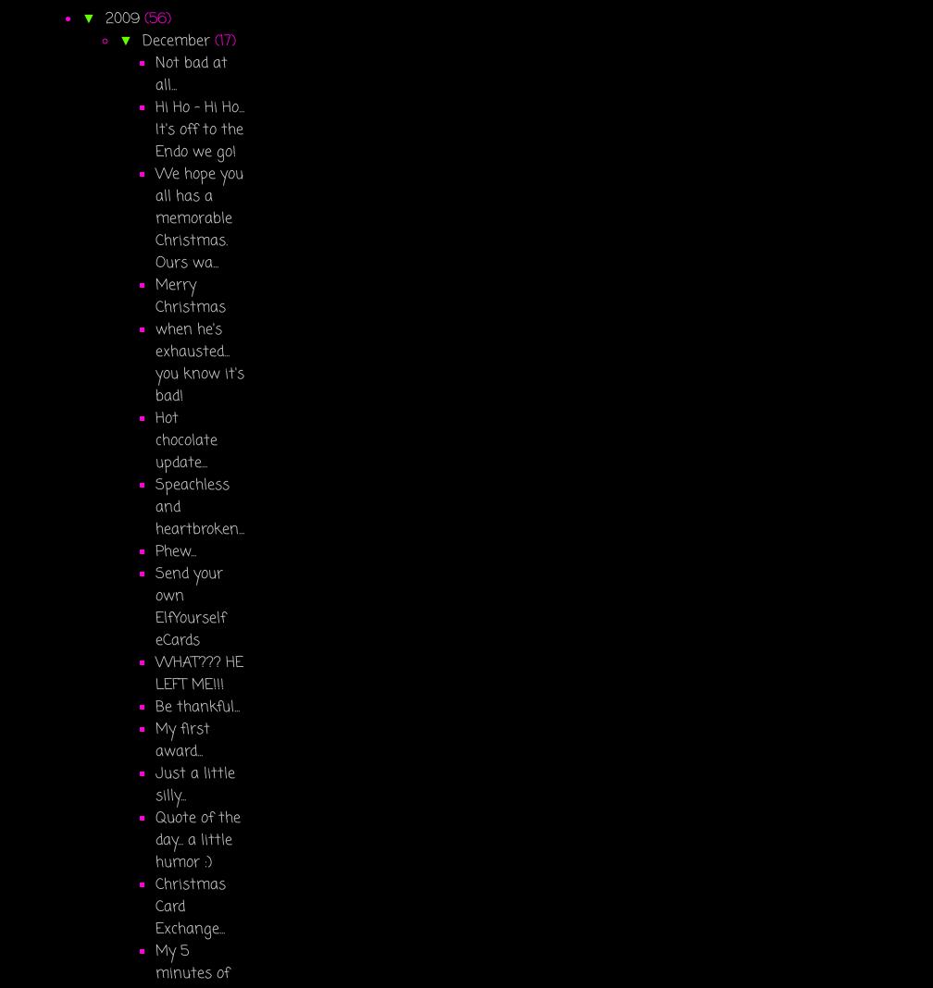  Describe the element at coordinates (200, 130) in the screenshot. I see `'Hi Ho - Hi Ho... It's off to the Endo we go!'` at that location.